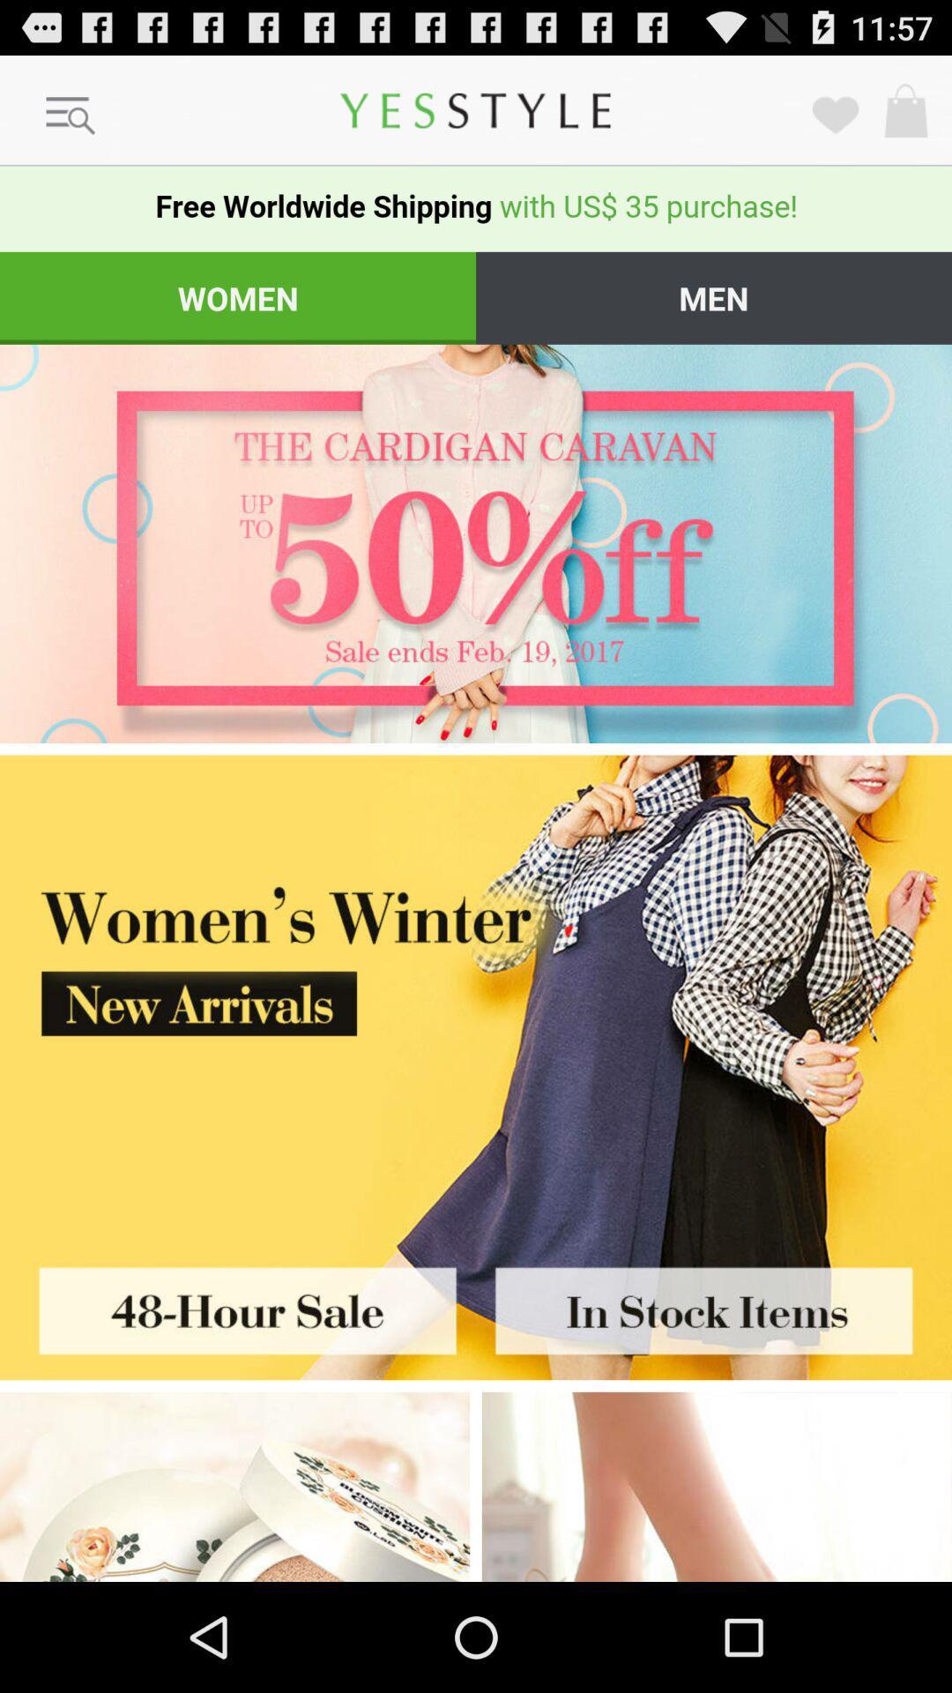  What do you see at coordinates (476, 542) in the screenshot?
I see `percentage page` at bounding box center [476, 542].